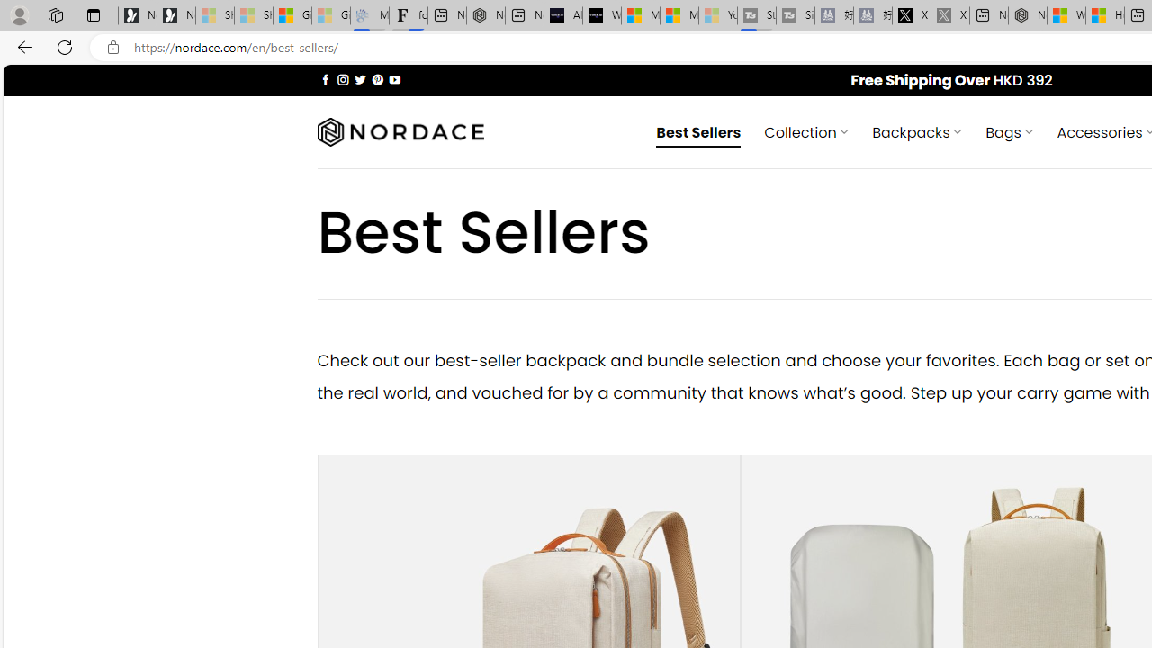 Image resolution: width=1152 pixels, height=648 pixels. What do you see at coordinates (697, 130) in the screenshot?
I see `'  Best Sellers'` at bounding box center [697, 130].